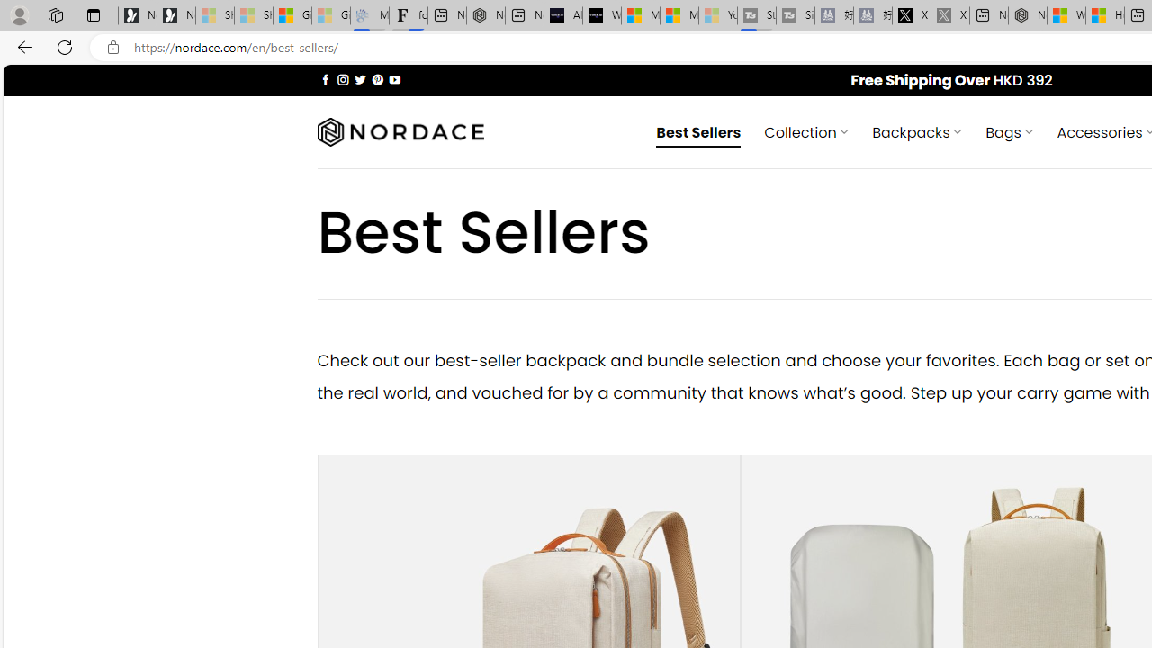 Image resolution: width=1152 pixels, height=648 pixels. What do you see at coordinates (697, 130) in the screenshot?
I see `'  Best Sellers'` at bounding box center [697, 130].